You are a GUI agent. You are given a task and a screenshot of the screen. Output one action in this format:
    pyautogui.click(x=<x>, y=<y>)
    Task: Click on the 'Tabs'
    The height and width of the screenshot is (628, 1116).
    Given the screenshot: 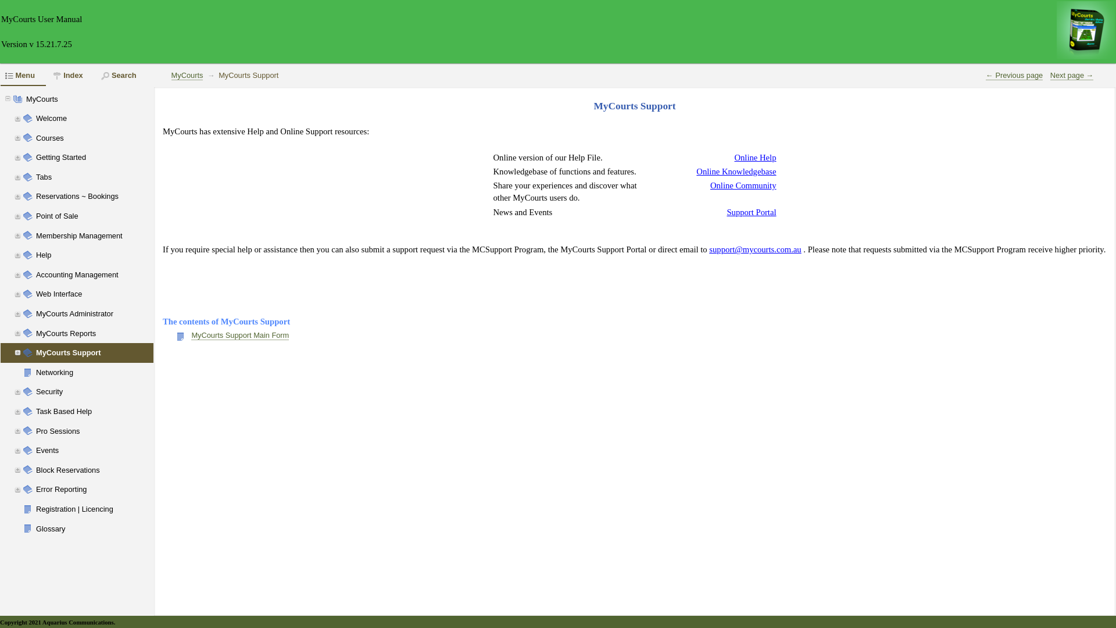 What is the action you would take?
    pyautogui.click(x=36, y=177)
    